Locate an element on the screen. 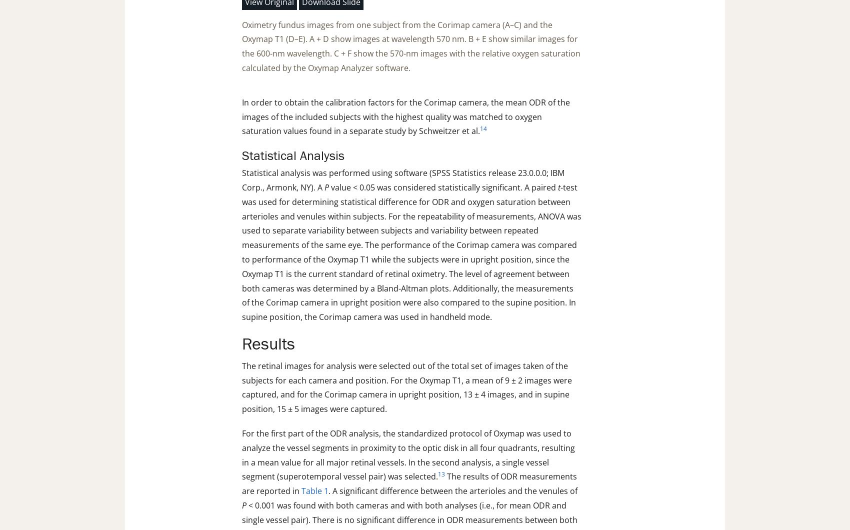 This screenshot has height=530, width=850. 'Results' is located at coordinates (268, 343).